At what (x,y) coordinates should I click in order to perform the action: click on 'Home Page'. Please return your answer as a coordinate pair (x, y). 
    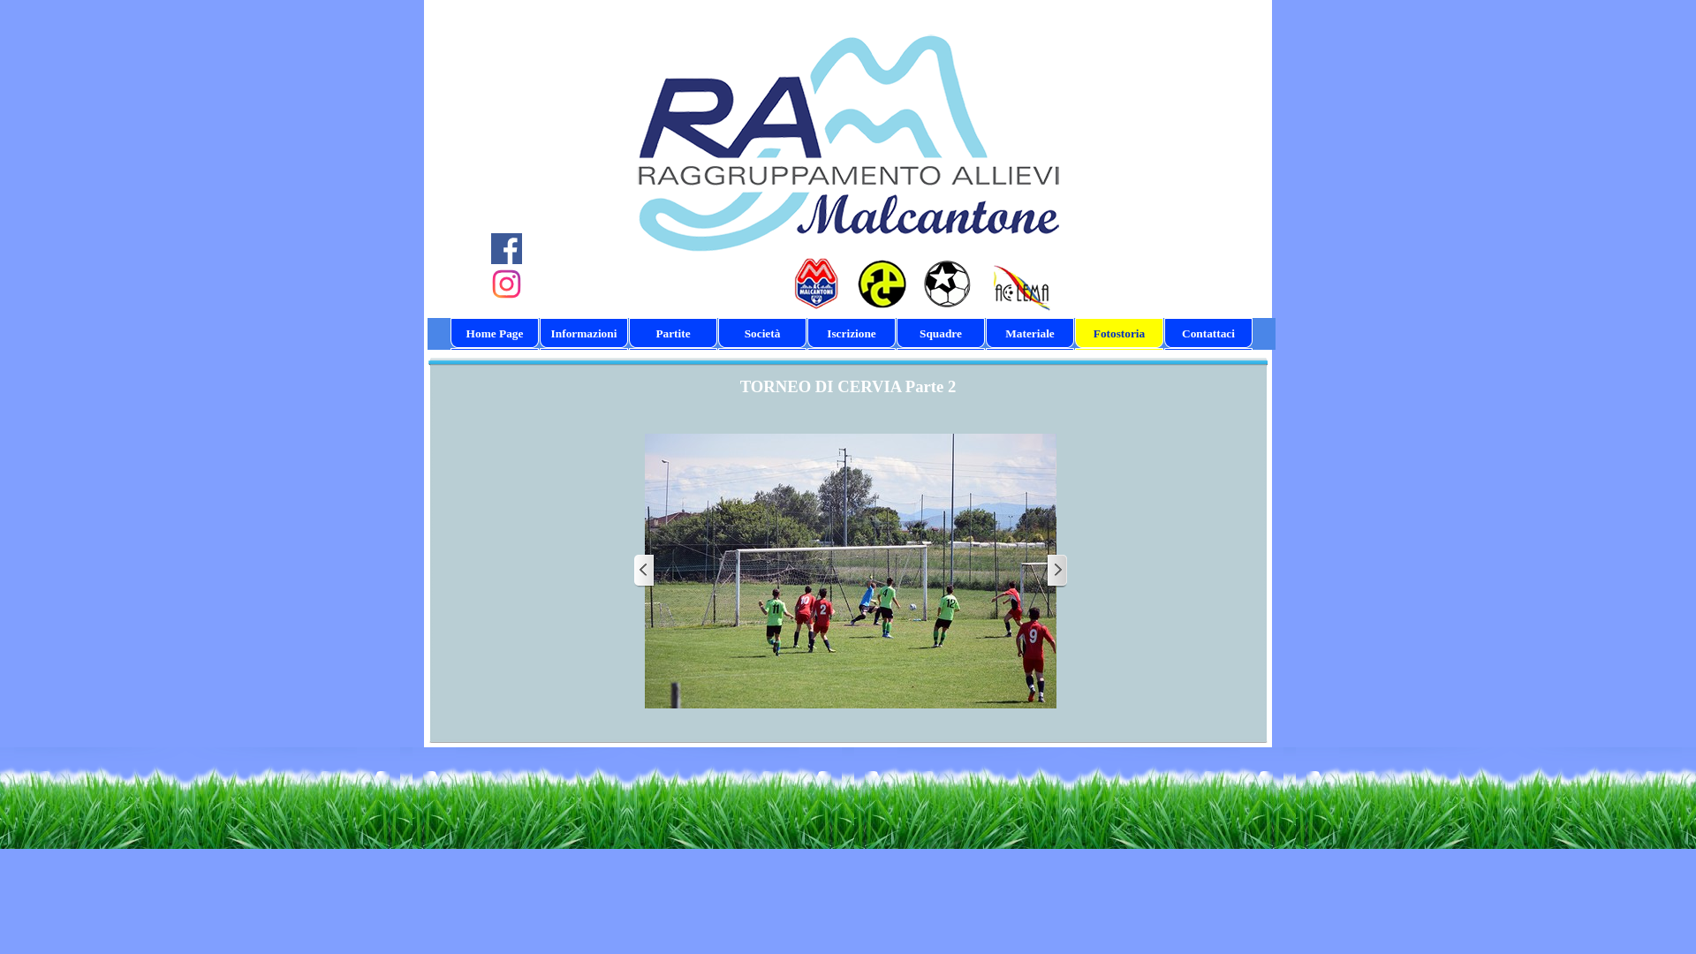
    Looking at the image, I should click on (495, 334).